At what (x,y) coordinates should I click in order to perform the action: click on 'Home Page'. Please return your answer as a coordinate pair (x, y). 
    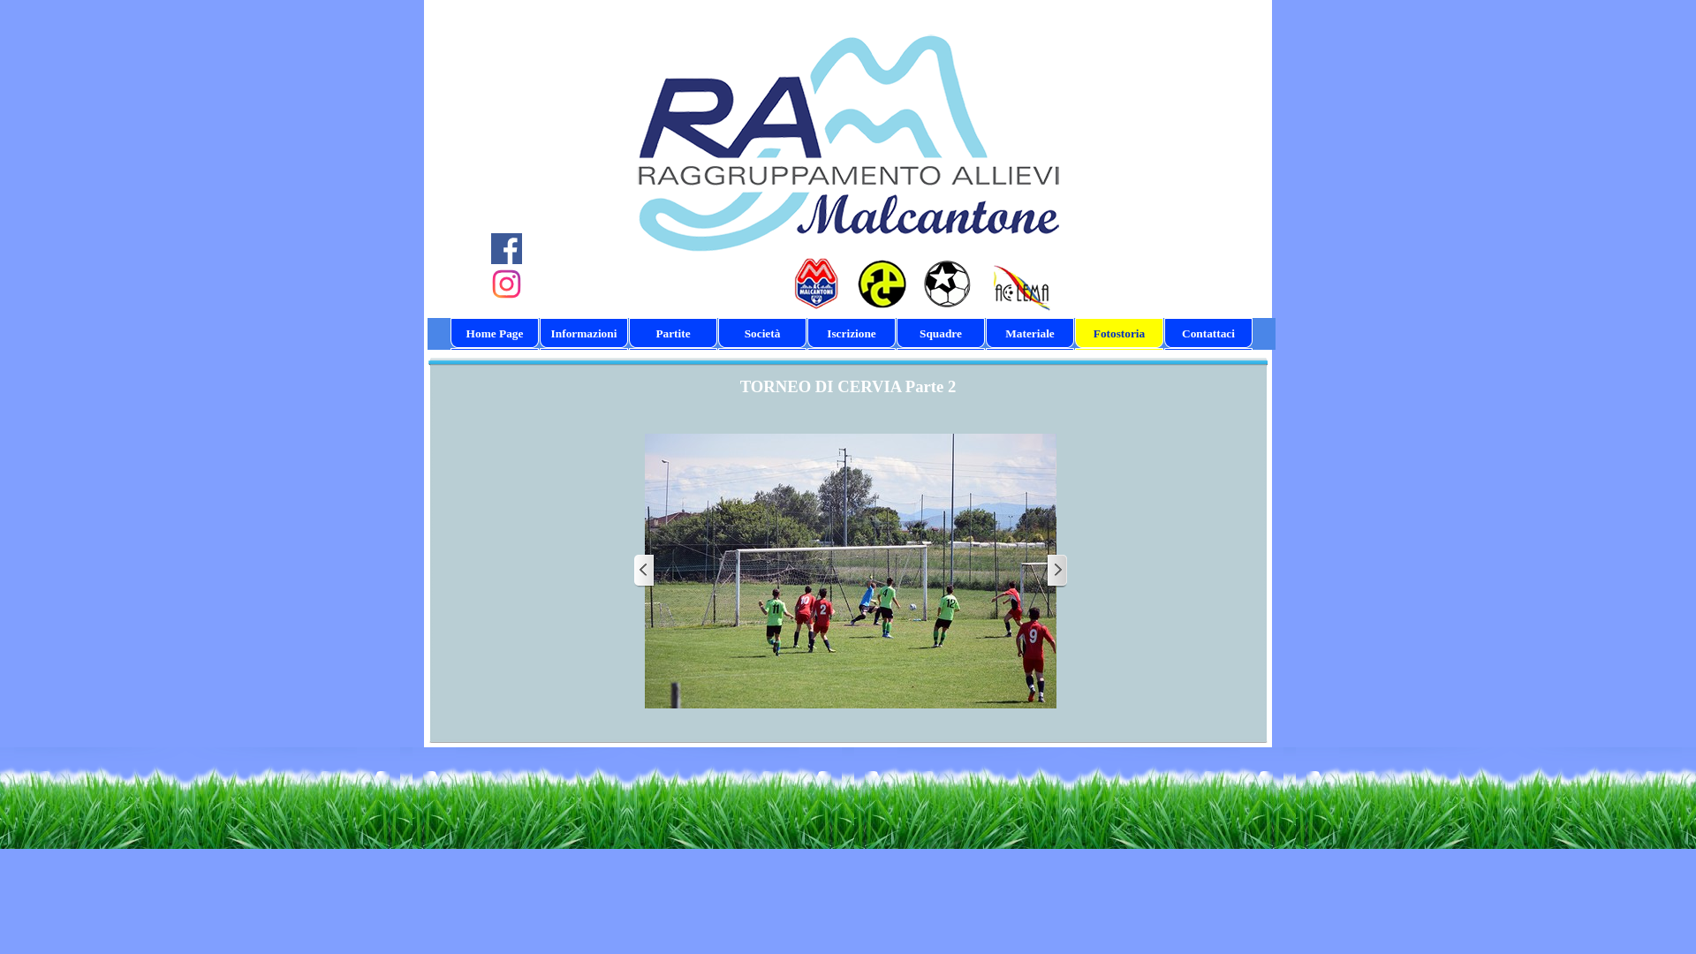
    Looking at the image, I should click on (495, 334).